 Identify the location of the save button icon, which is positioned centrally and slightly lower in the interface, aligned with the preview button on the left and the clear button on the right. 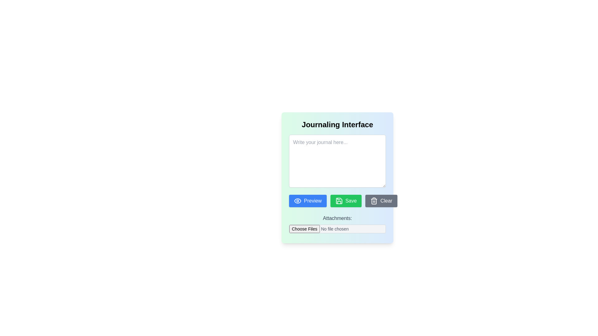
(339, 201).